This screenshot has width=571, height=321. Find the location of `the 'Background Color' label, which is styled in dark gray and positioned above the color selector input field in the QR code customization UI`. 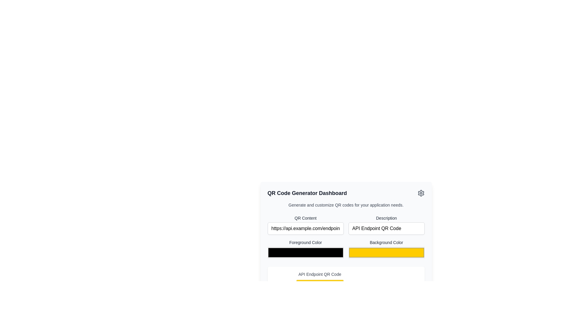

the 'Background Color' label, which is styled in dark gray and positioned above the color selector input field in the QR code customization UI is located at coordinates (386, 243).